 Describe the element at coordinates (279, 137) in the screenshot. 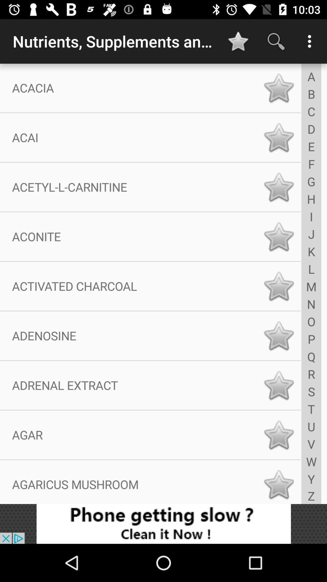

I see `bookmark item` at that location.